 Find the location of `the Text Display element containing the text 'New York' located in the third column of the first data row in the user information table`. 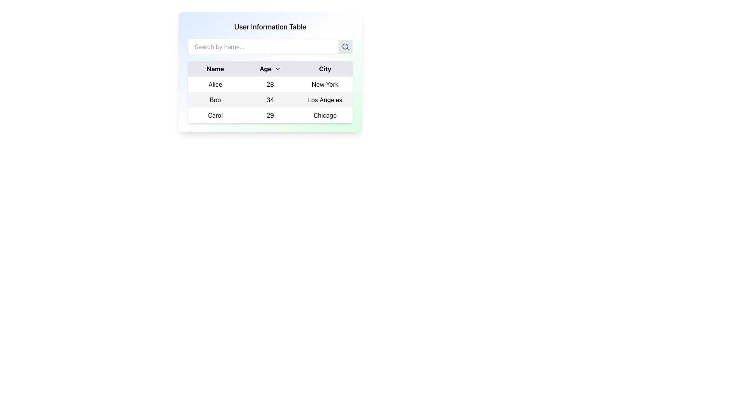

the Text Display element containing the text 'New York' located in the third column of the first data row in the user information table is located at coordinates (325, 84).